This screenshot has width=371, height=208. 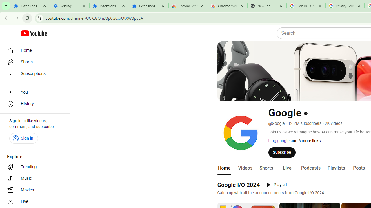 I want to click on 'blog.google', so click(x=279, y=141).